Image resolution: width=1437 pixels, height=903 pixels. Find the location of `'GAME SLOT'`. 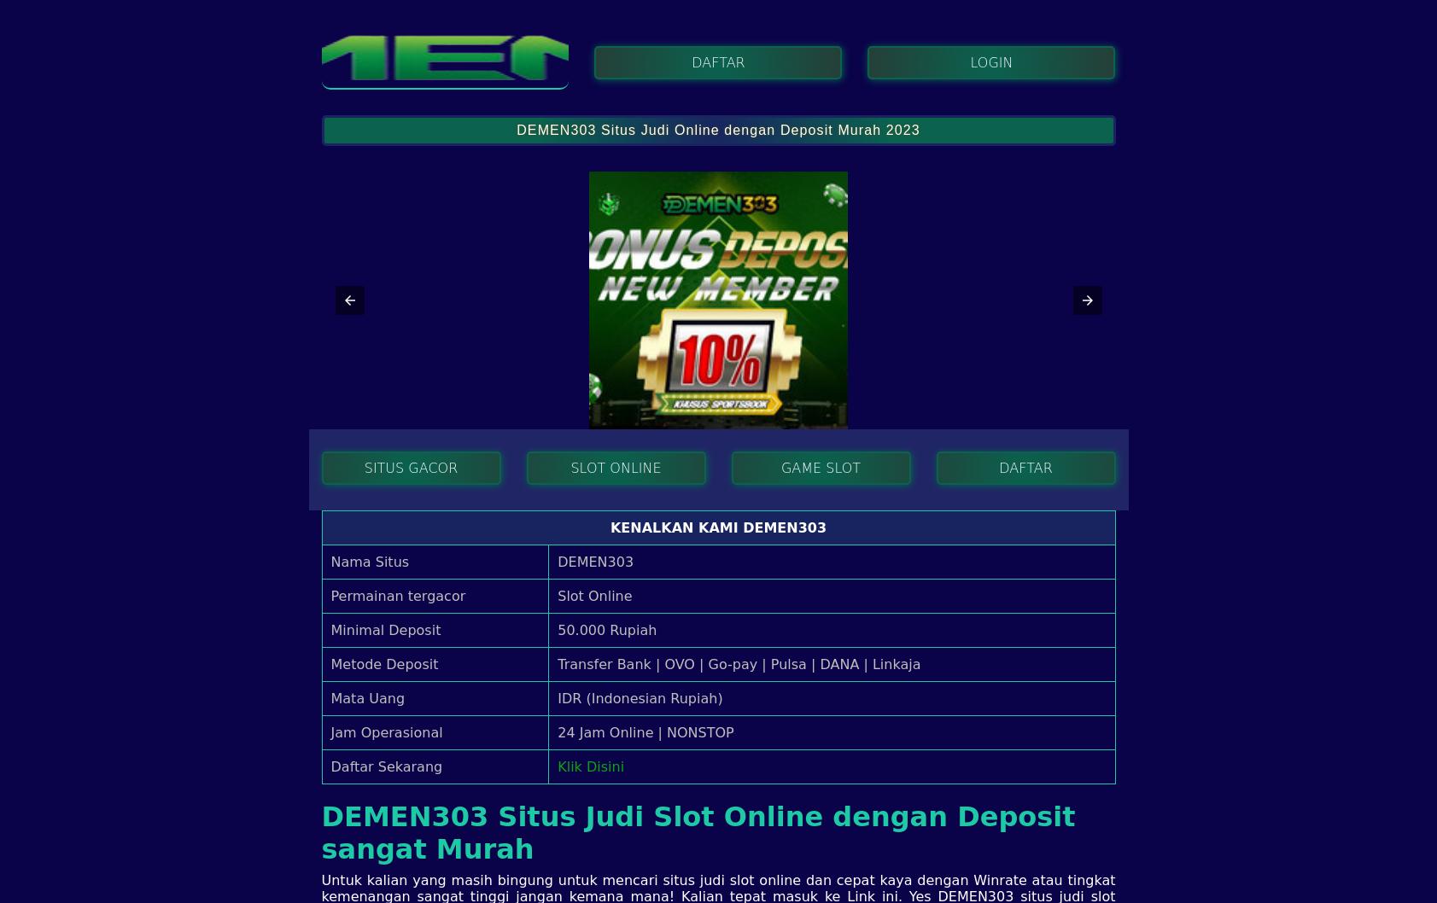

'GAME SLOT' is located at coordinates (780, 467).